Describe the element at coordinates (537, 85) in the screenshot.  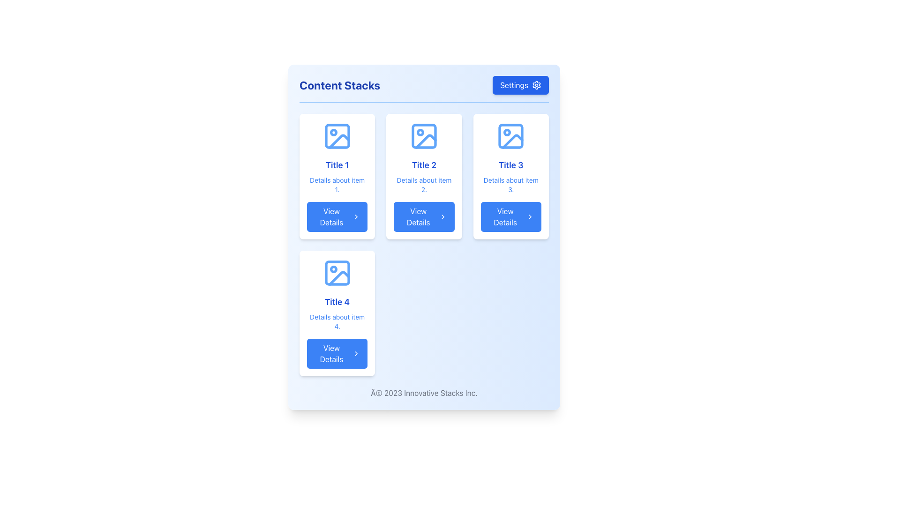
I see `the settings icon shaped like a gear, which is located within the top-right corner of the interface, part of the button labeled 'Settings'` at that location.